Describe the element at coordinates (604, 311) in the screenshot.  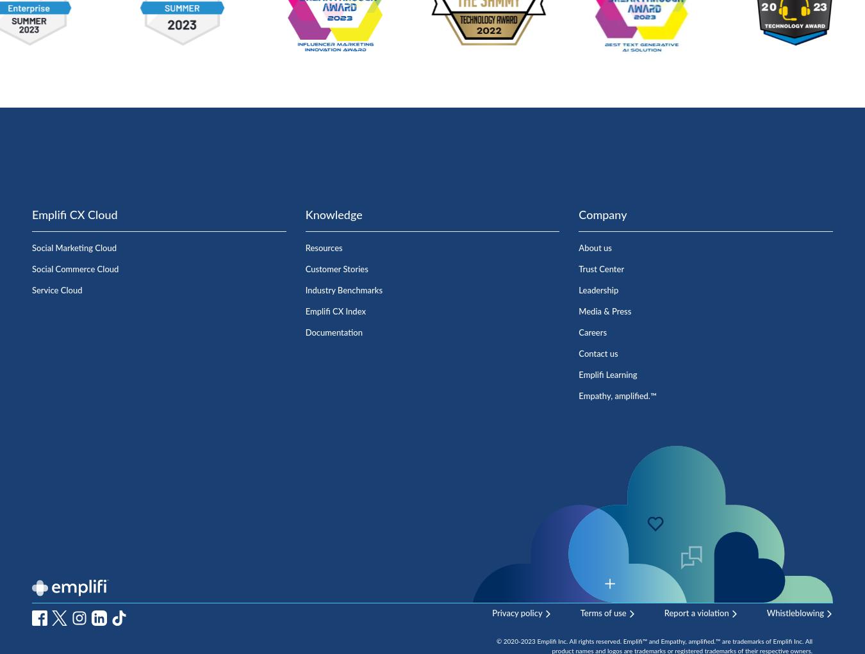
I see `'Media & Press'` at that location.